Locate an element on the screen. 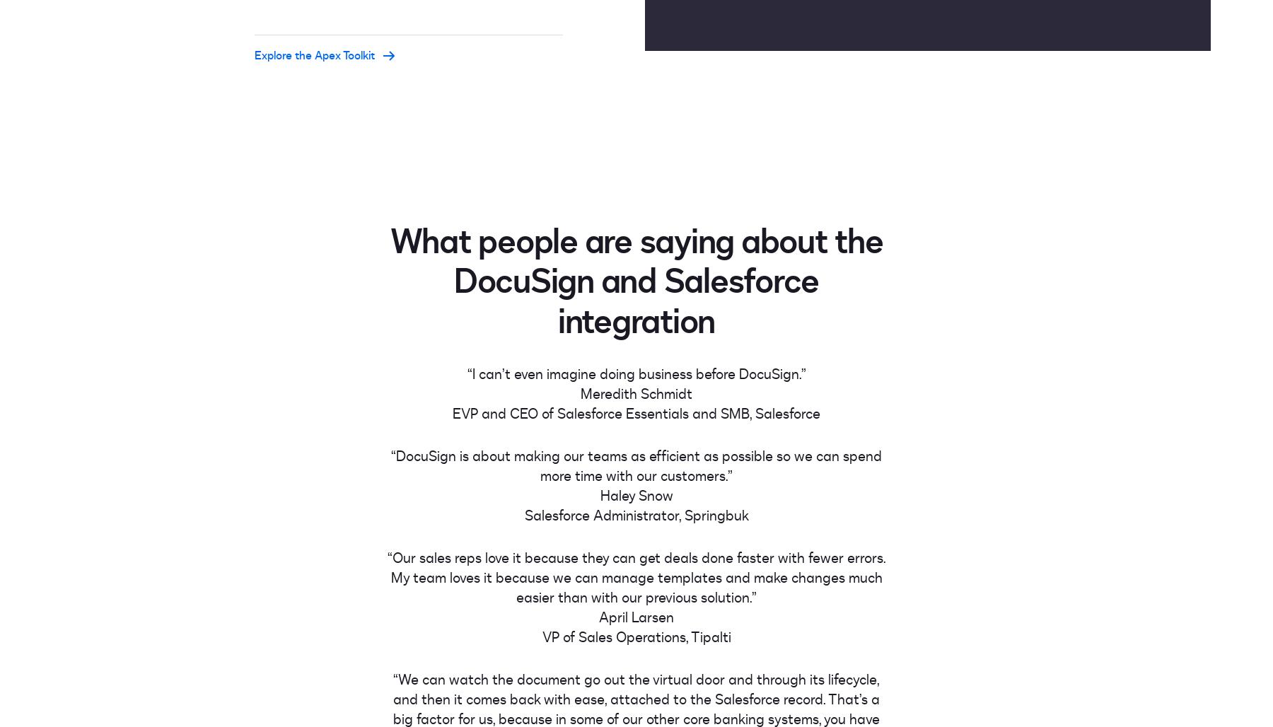 The height and width of the screenshot is (727, 1273). 'VP of Sales Operations, Tipalti' is located at coordinates (636, 636).